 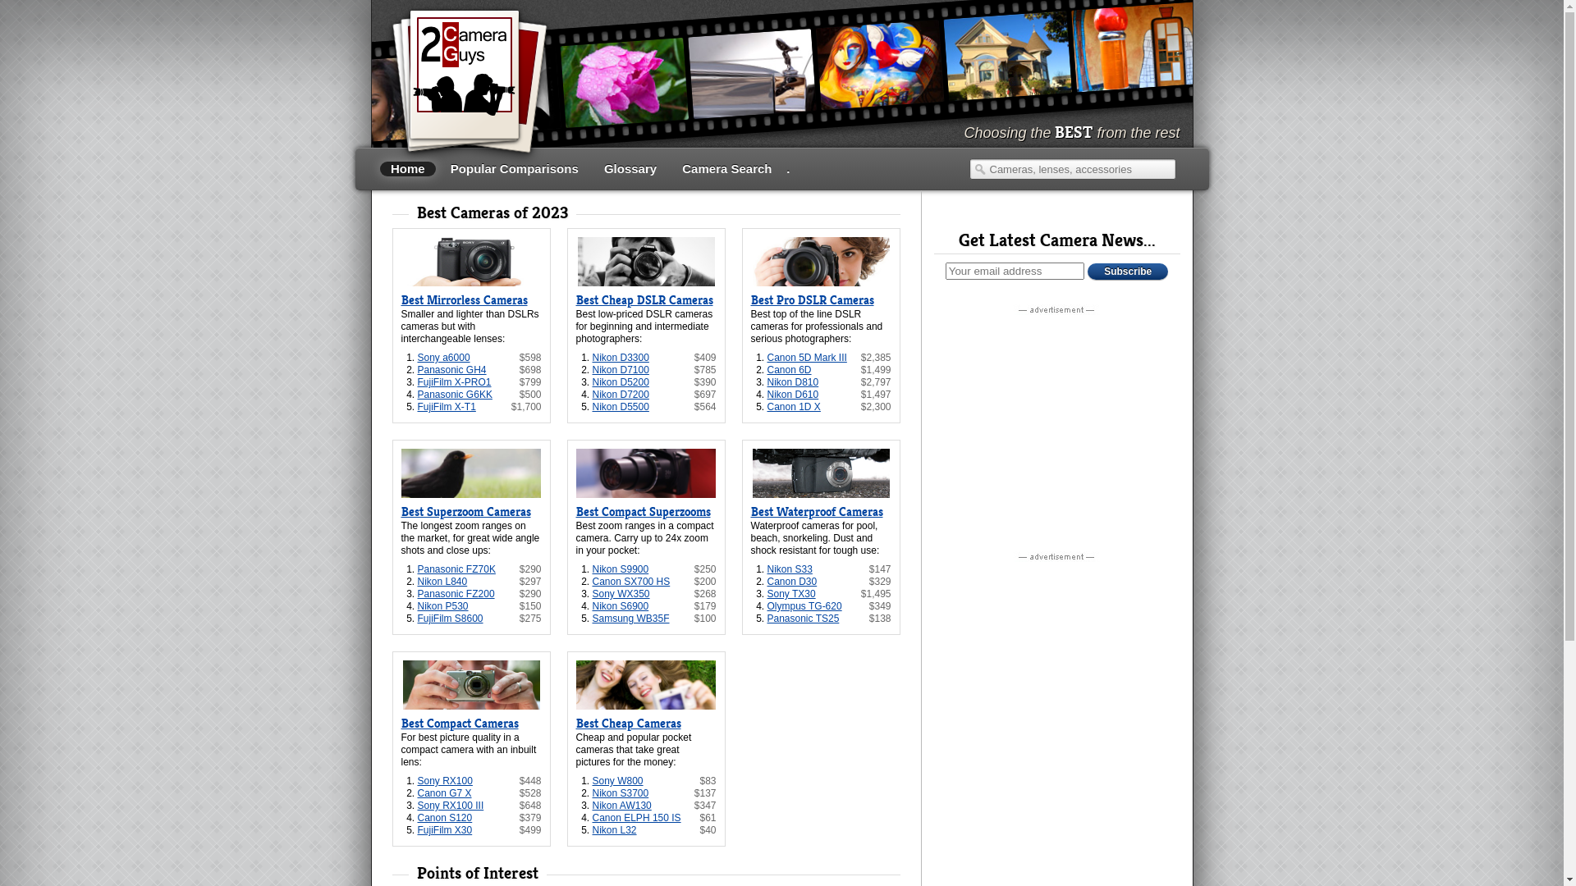 What do you see at coordinates (620, 356) in the screenshot?
I see `'Nikon D3300'` at bounding box center [620, 356].